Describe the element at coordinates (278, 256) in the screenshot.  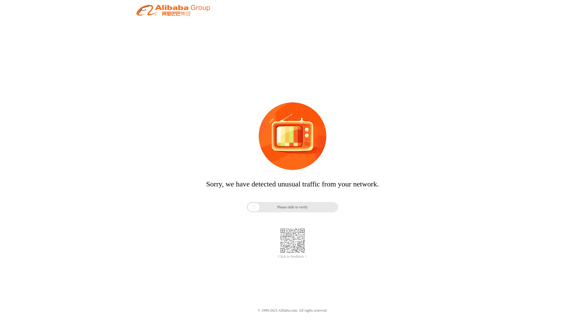
I see `'Click to feedback >'` at that location.